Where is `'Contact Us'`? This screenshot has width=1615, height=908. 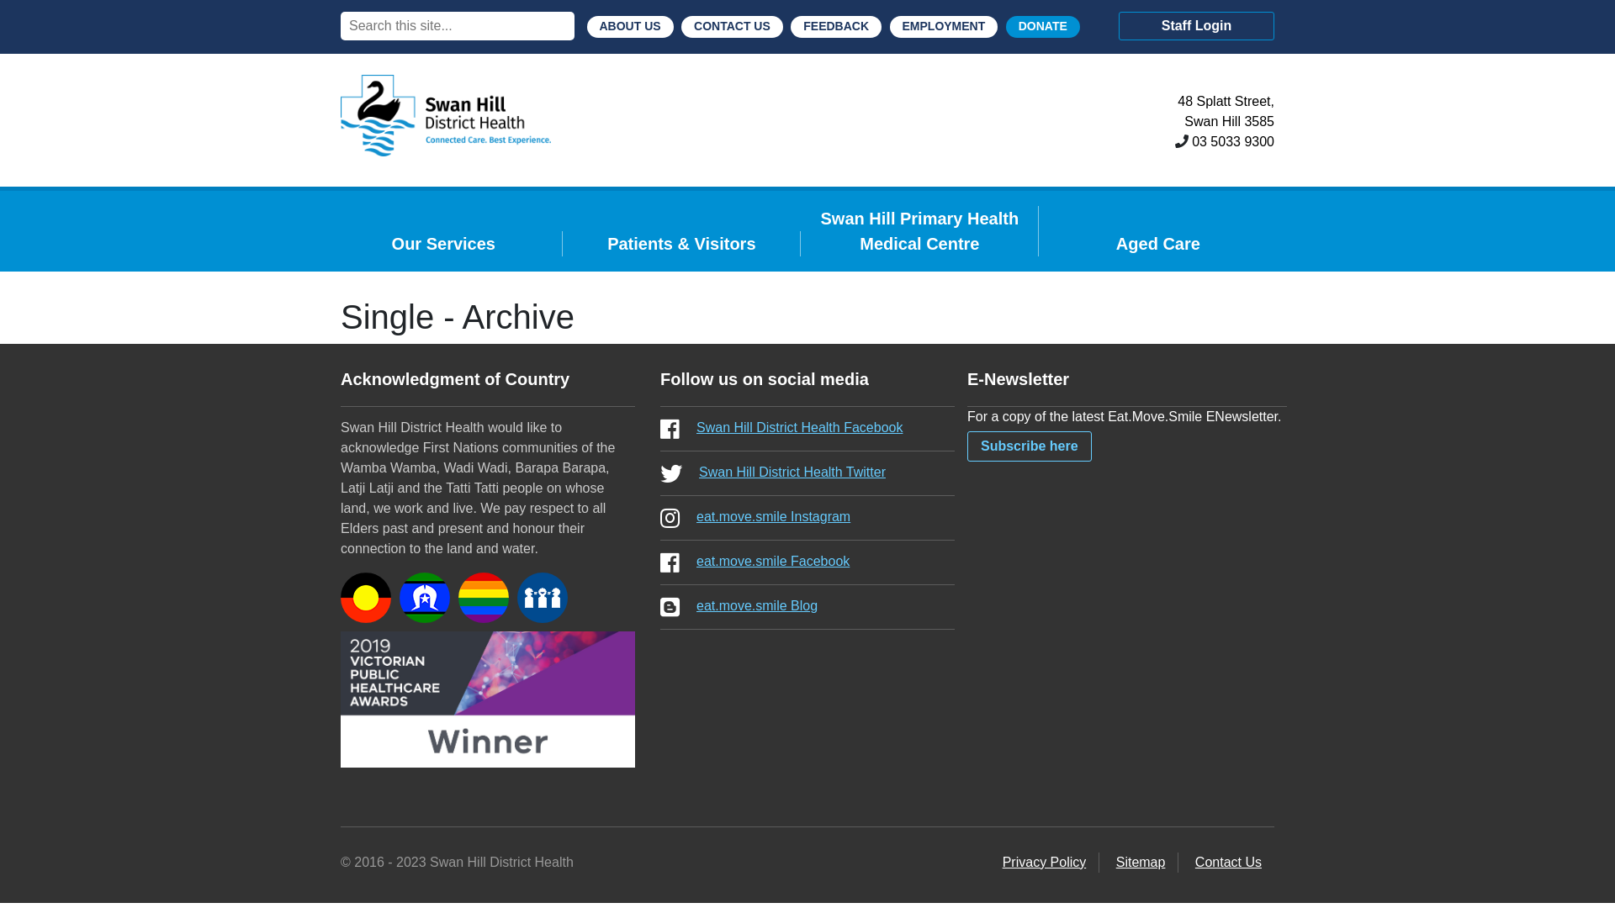
'Contact Us' is located at coordinates (1182, 862).